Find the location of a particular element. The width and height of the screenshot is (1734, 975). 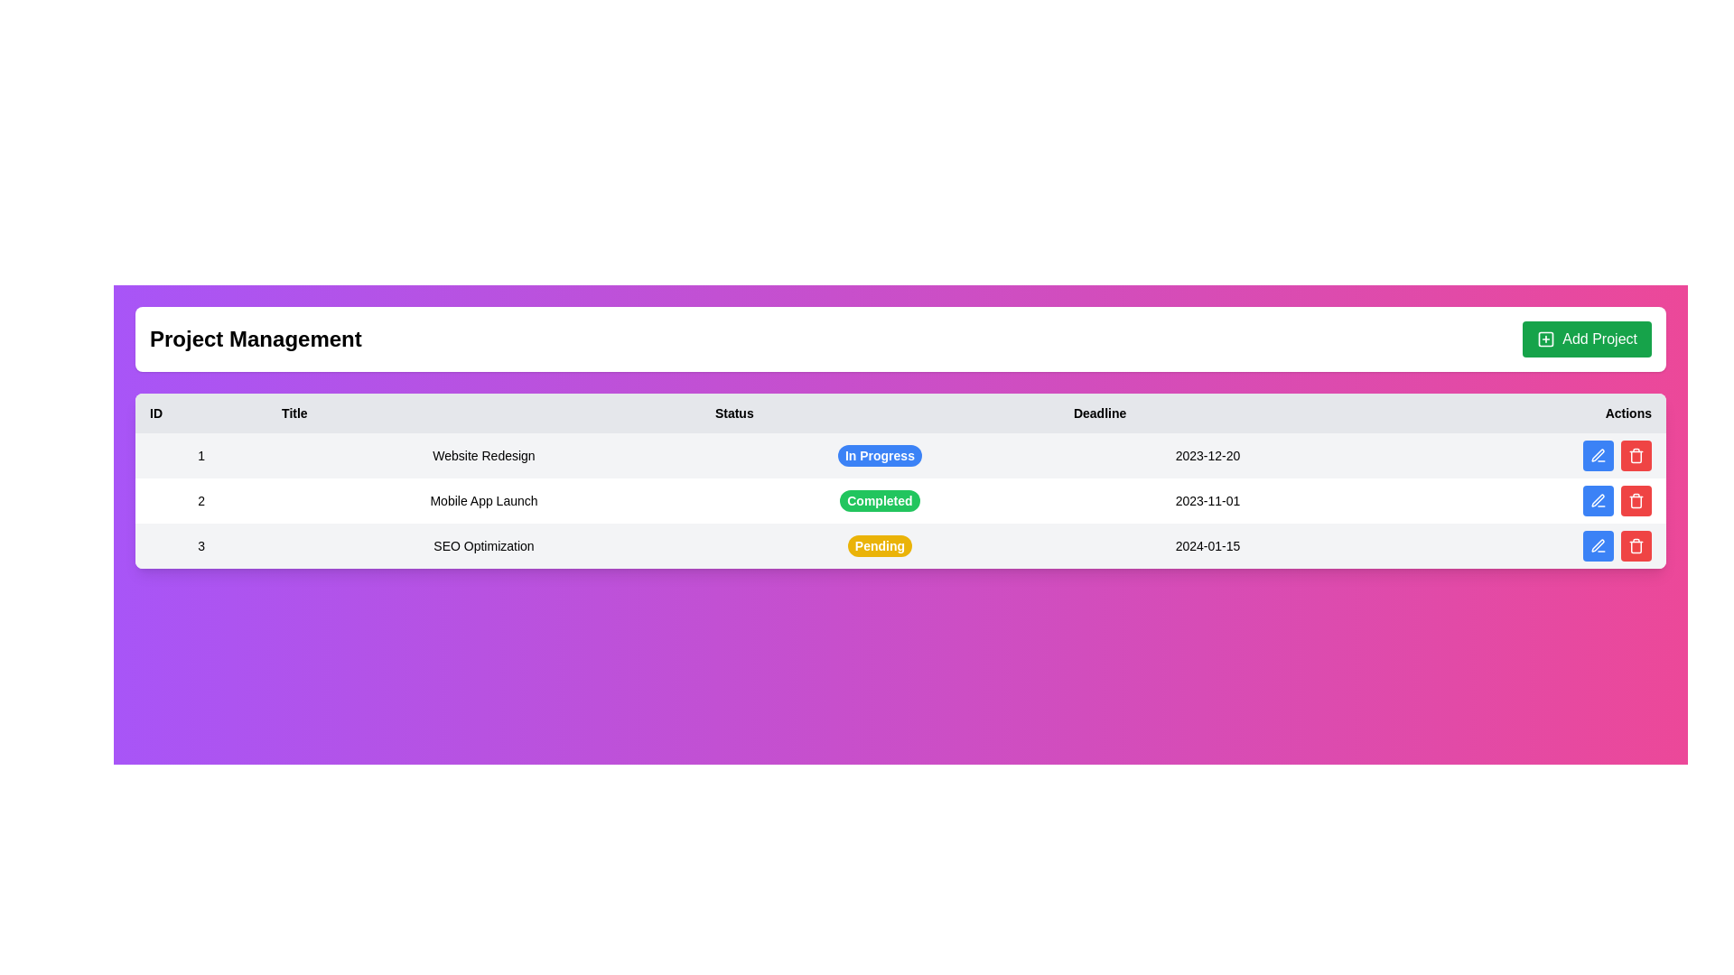

the 'SEO Optimization' status badge located in the 'Status' column of the third row of the project details table is located at coordinates (880, 545).